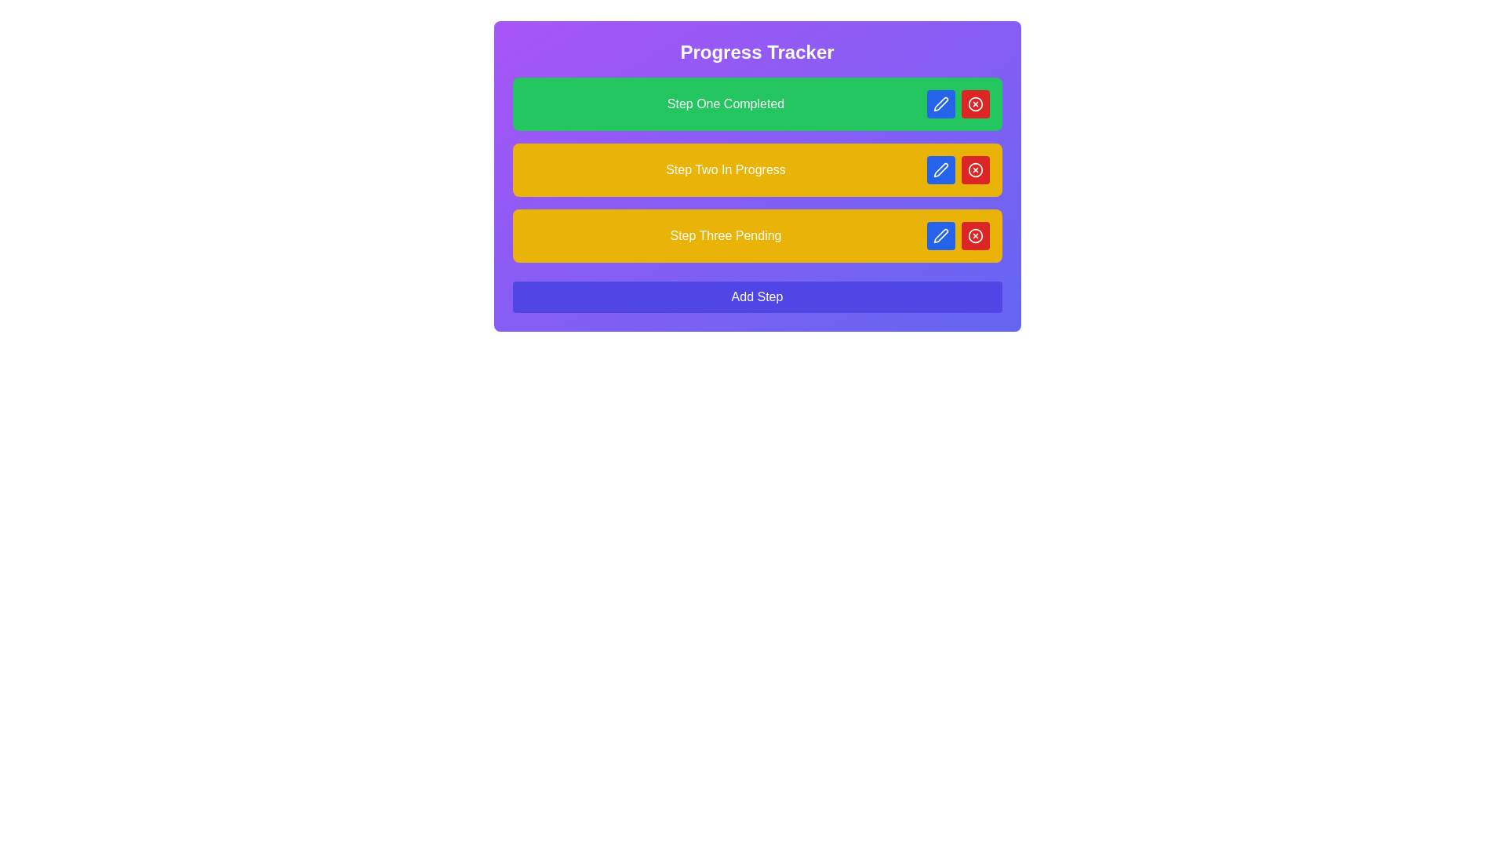 Image resolution: width=1506 pixels, height=847 pixels. What do you see at coordinates (940, 104) in the screenshot?
I see `the leftmost button in the progress tracker associated with 'Step One Completed' to initiate editing functionality for the step` at bounding box center [940, 104].